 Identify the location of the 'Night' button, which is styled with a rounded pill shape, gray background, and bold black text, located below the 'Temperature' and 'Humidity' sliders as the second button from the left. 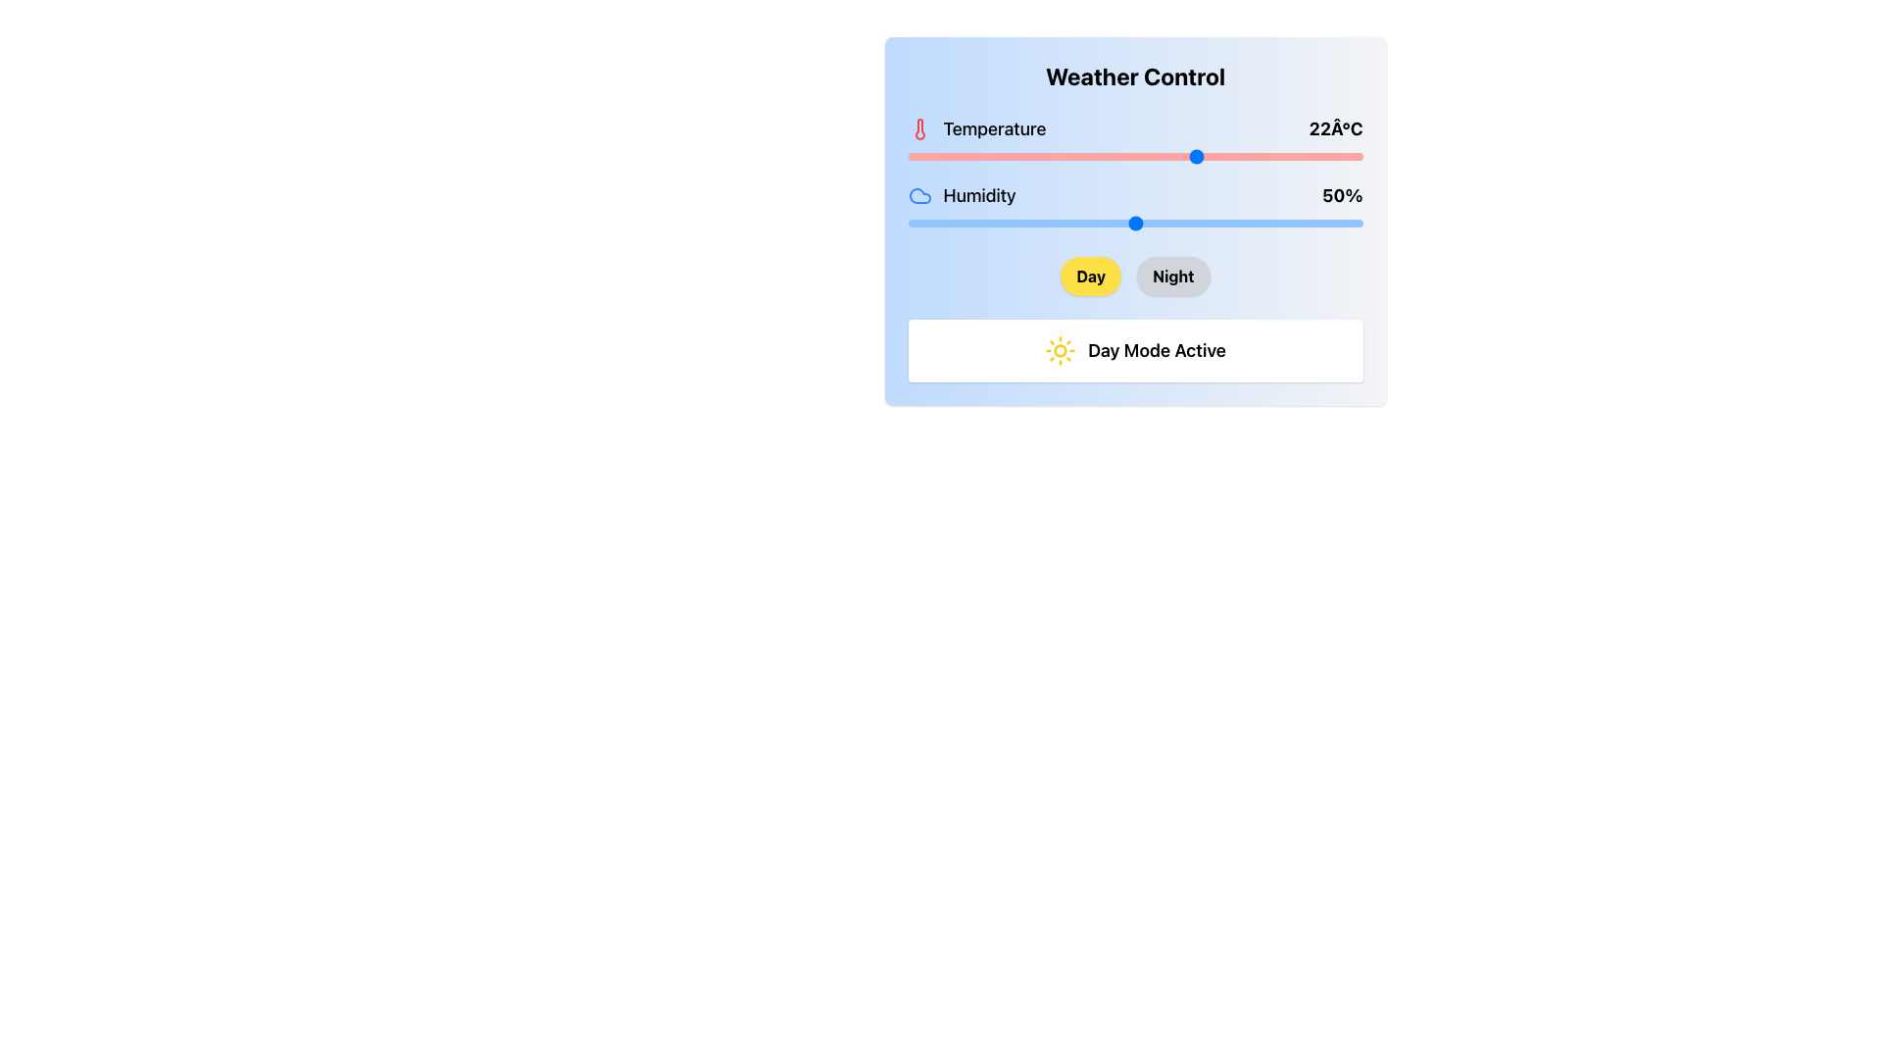
(1173, 276).